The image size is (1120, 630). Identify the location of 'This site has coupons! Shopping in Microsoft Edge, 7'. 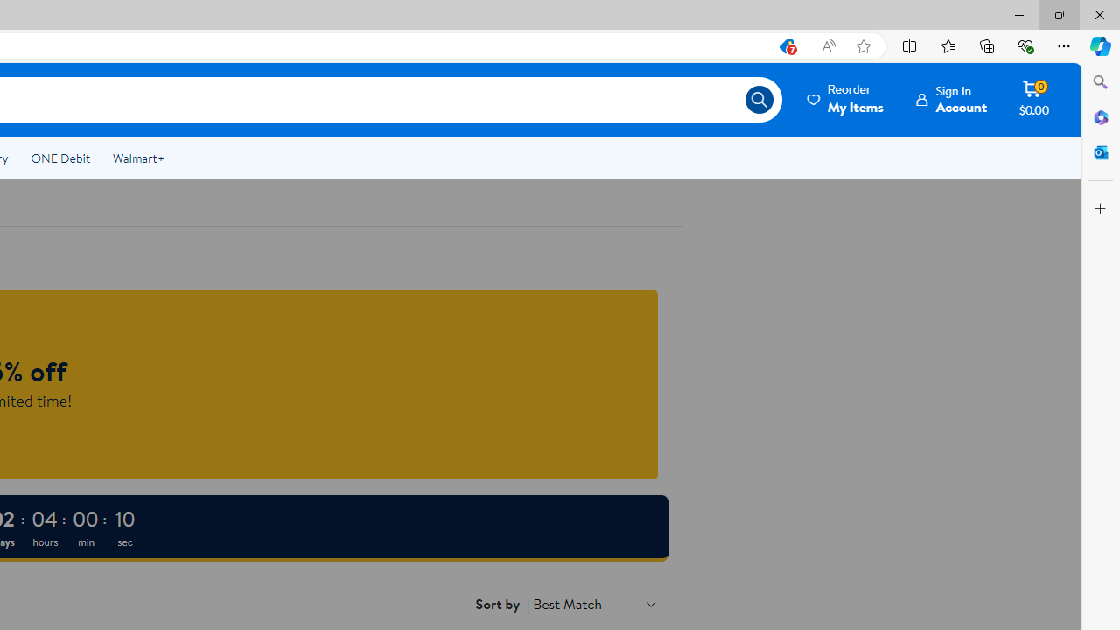
(785, 45).